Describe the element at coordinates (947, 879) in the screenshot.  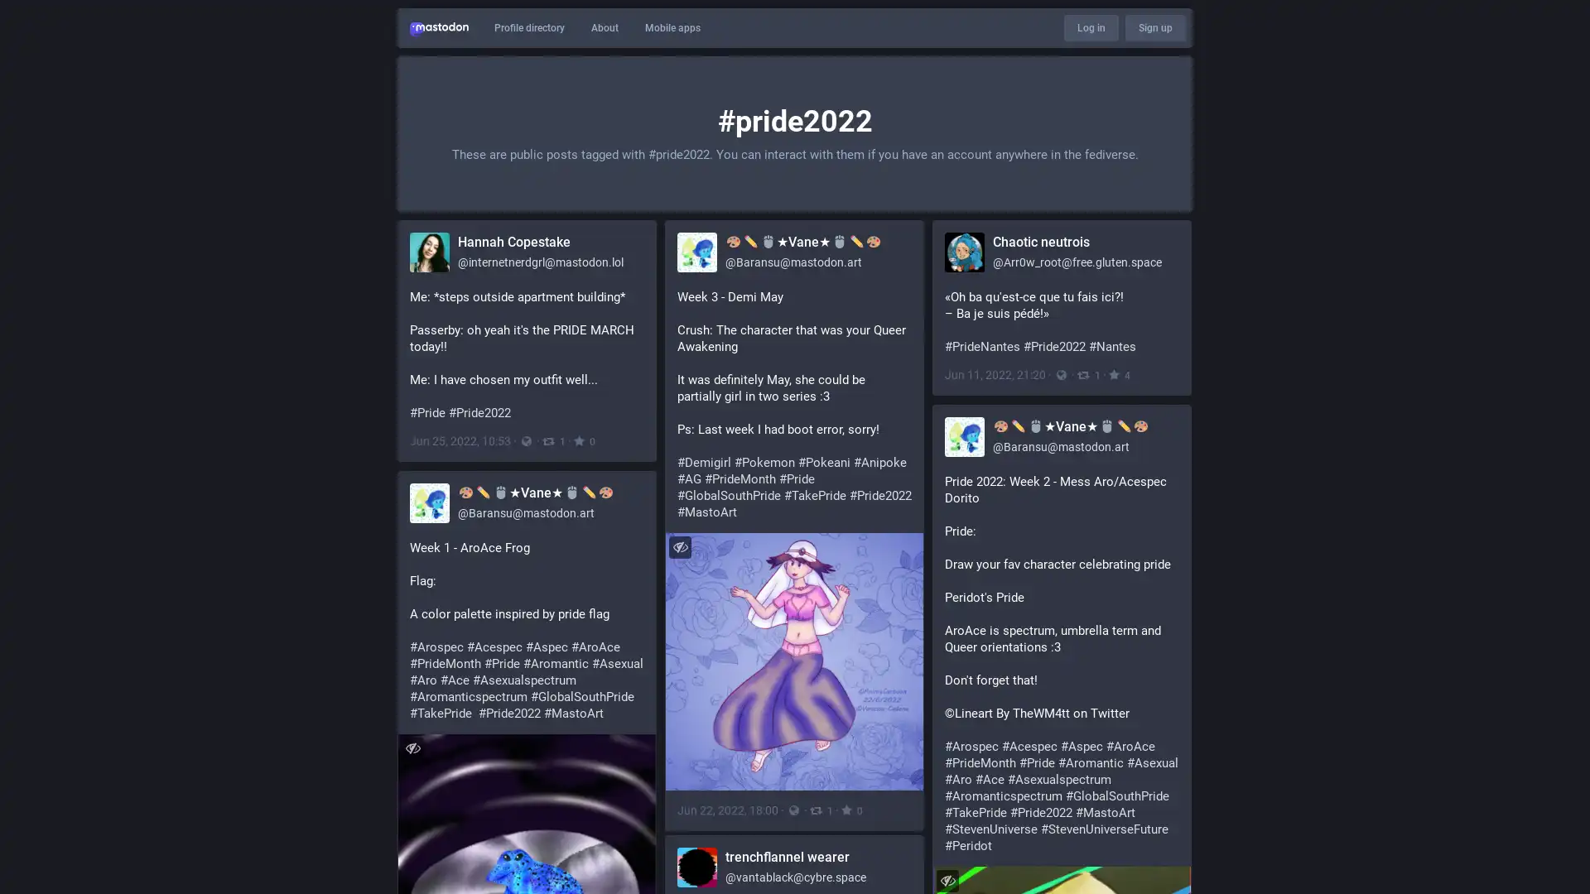
I see `Hide image` at that location.